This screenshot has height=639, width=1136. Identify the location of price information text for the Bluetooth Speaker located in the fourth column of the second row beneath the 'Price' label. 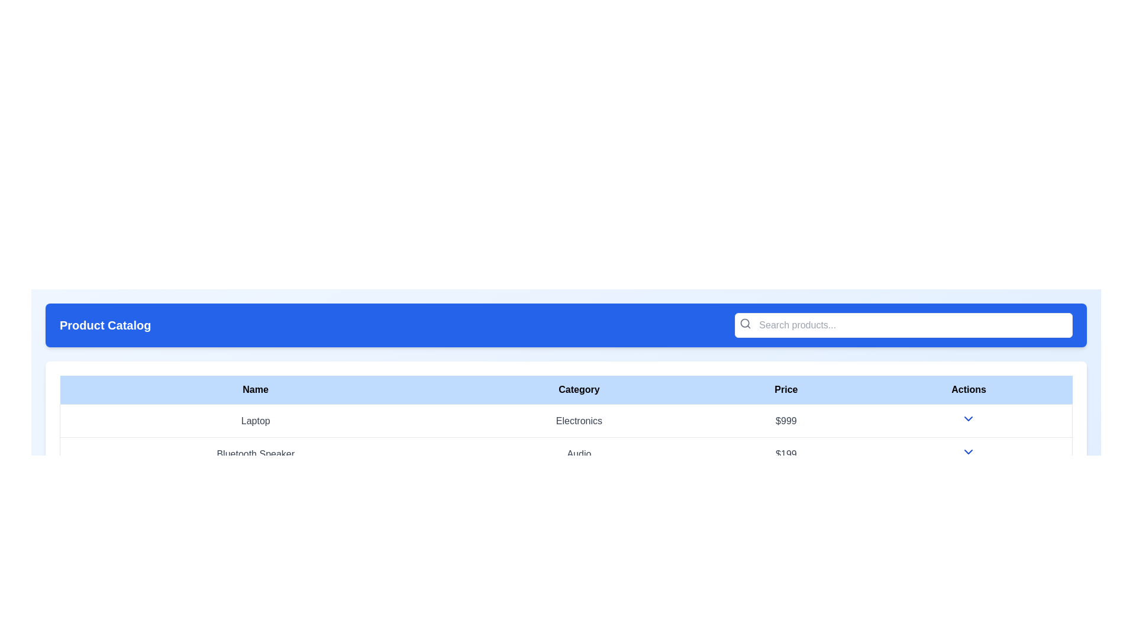
(786, 453).